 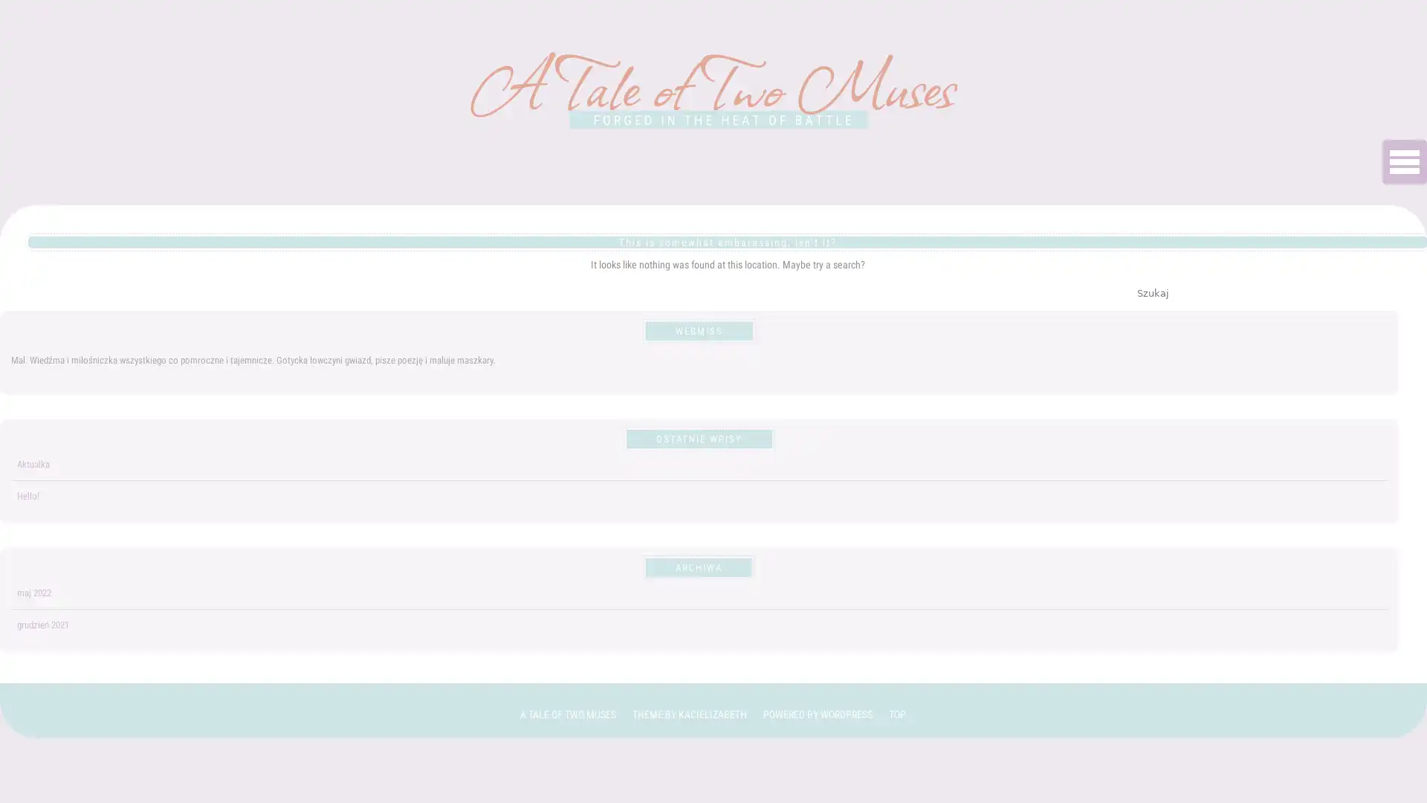 I want to click on Szukaj, so click(x=1151, y=292).